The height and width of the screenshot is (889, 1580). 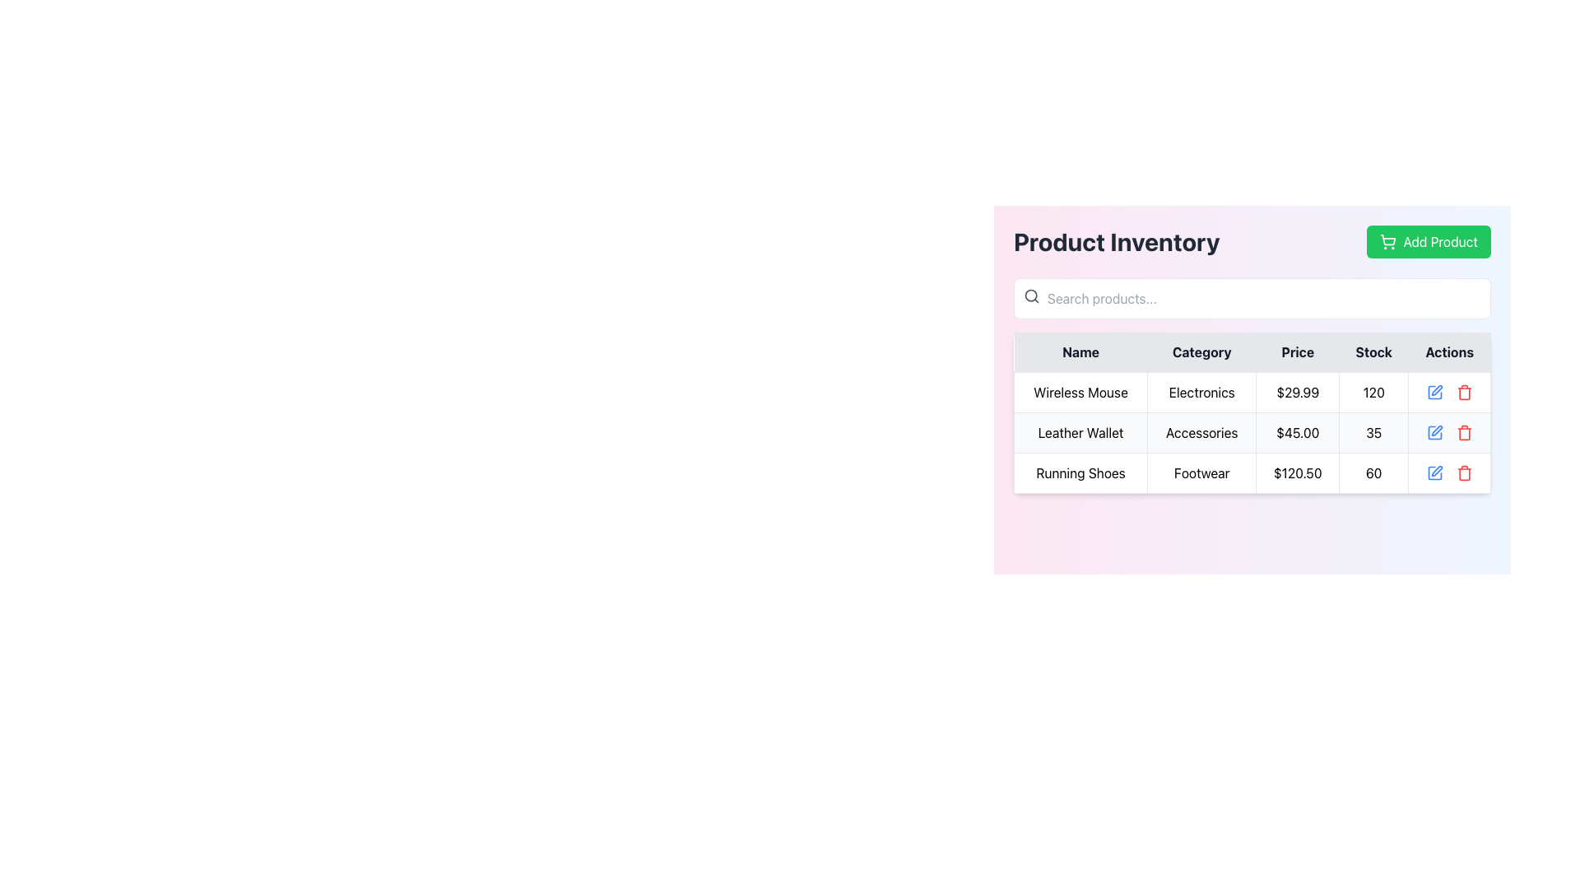 What do you see at coordinates (1117, 241) in the screenshot?
I see `the static header indicating the purpose of the product inventory section located at the top of the panel` at bounding box center [1117, 241].